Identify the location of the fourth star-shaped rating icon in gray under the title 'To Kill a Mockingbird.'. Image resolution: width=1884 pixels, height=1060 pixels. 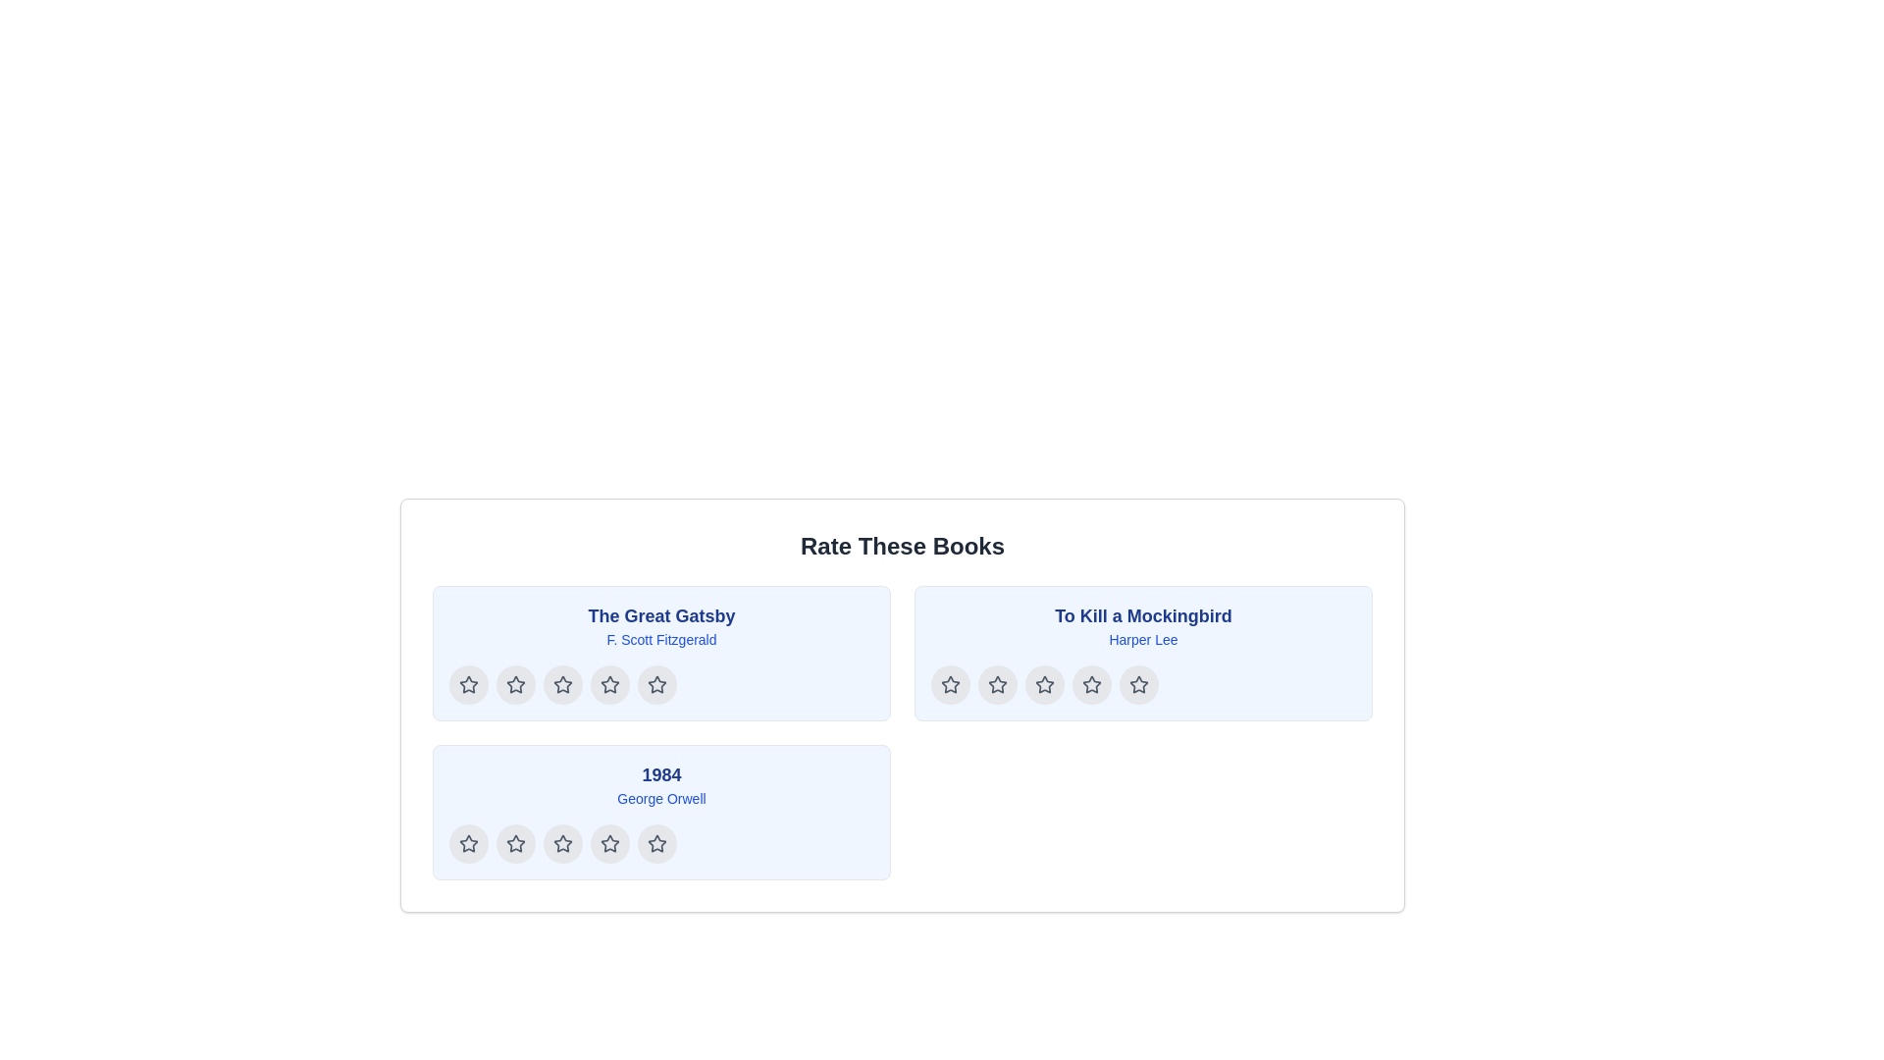
(1091, 684).